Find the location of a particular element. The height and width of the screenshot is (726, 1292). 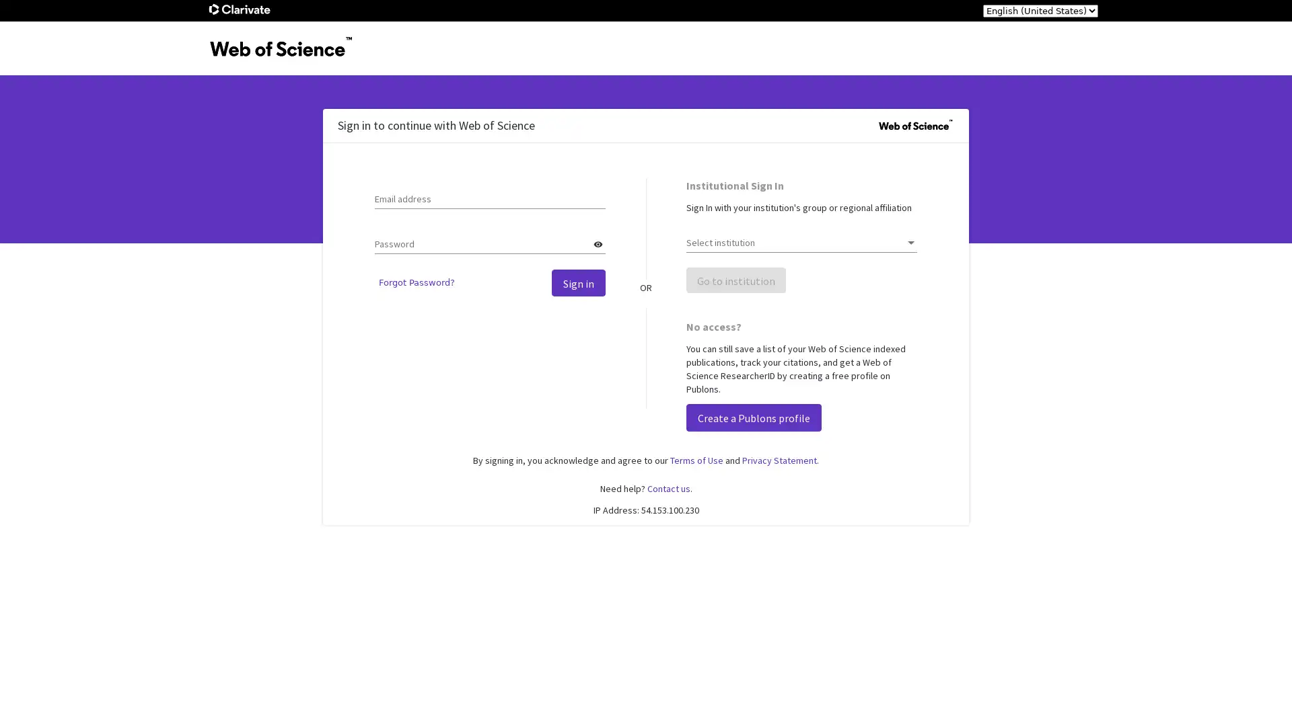

Go to institution is located at coordinates (735, 279).